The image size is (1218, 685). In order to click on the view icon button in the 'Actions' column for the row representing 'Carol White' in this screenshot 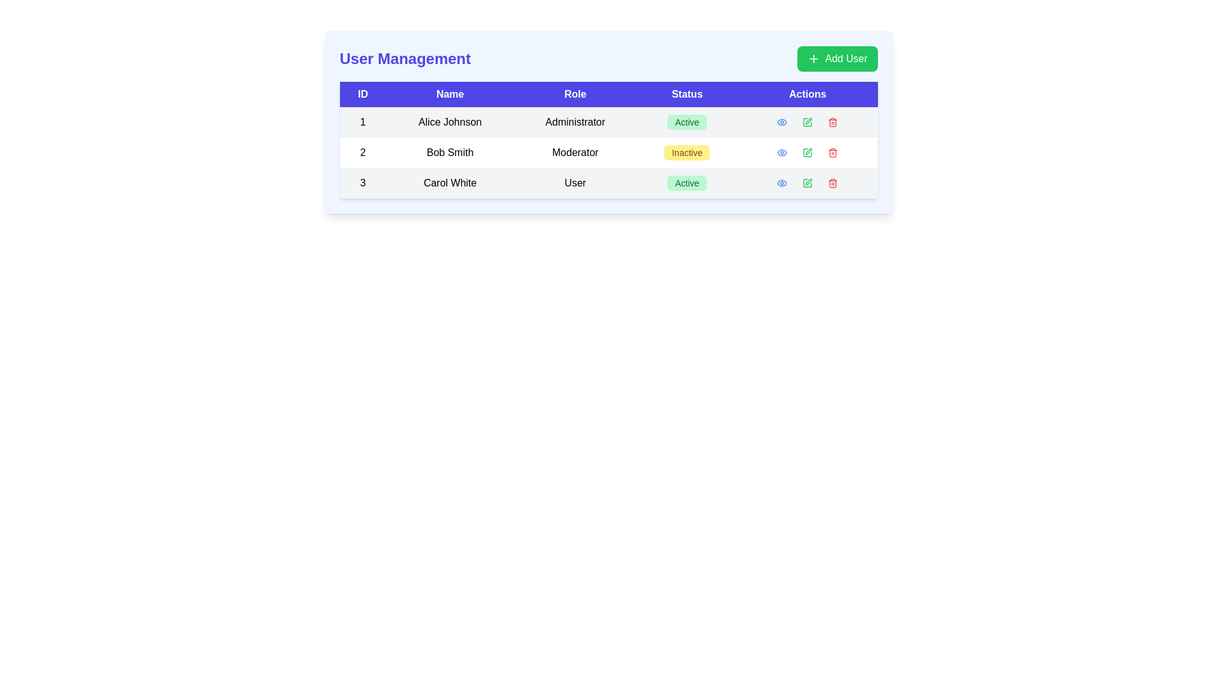, I will do `click(782, 183)`.